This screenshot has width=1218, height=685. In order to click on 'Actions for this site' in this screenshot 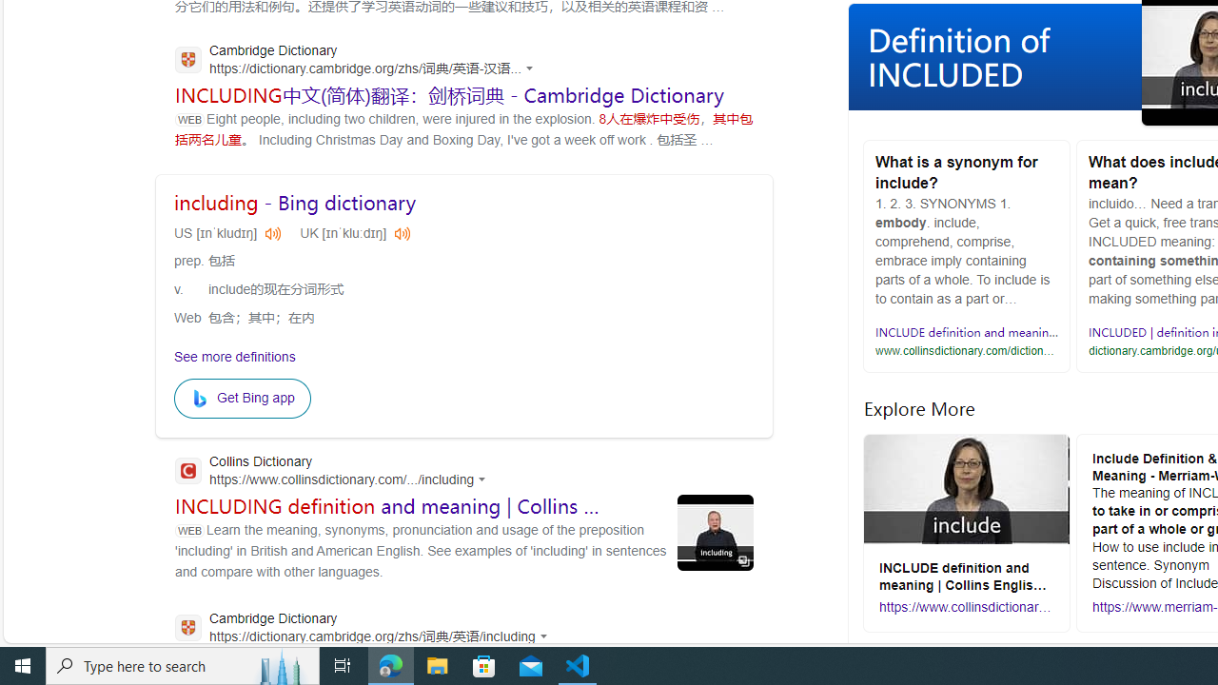, I will do `click(545, 636)`.